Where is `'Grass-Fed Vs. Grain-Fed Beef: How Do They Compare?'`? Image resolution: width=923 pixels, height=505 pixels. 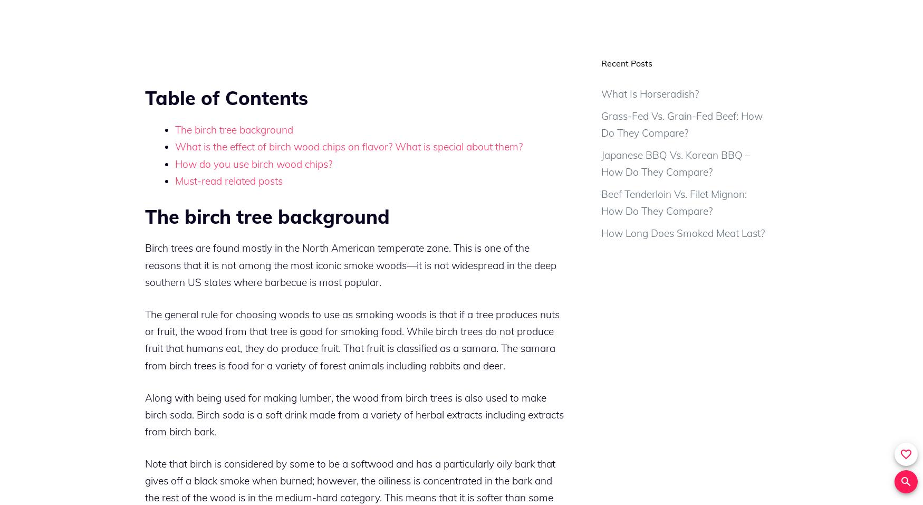
'Grass-Fed Vs. Grain-Fed Beef: How Do They Compare?' is located at coordinates (600, 123).